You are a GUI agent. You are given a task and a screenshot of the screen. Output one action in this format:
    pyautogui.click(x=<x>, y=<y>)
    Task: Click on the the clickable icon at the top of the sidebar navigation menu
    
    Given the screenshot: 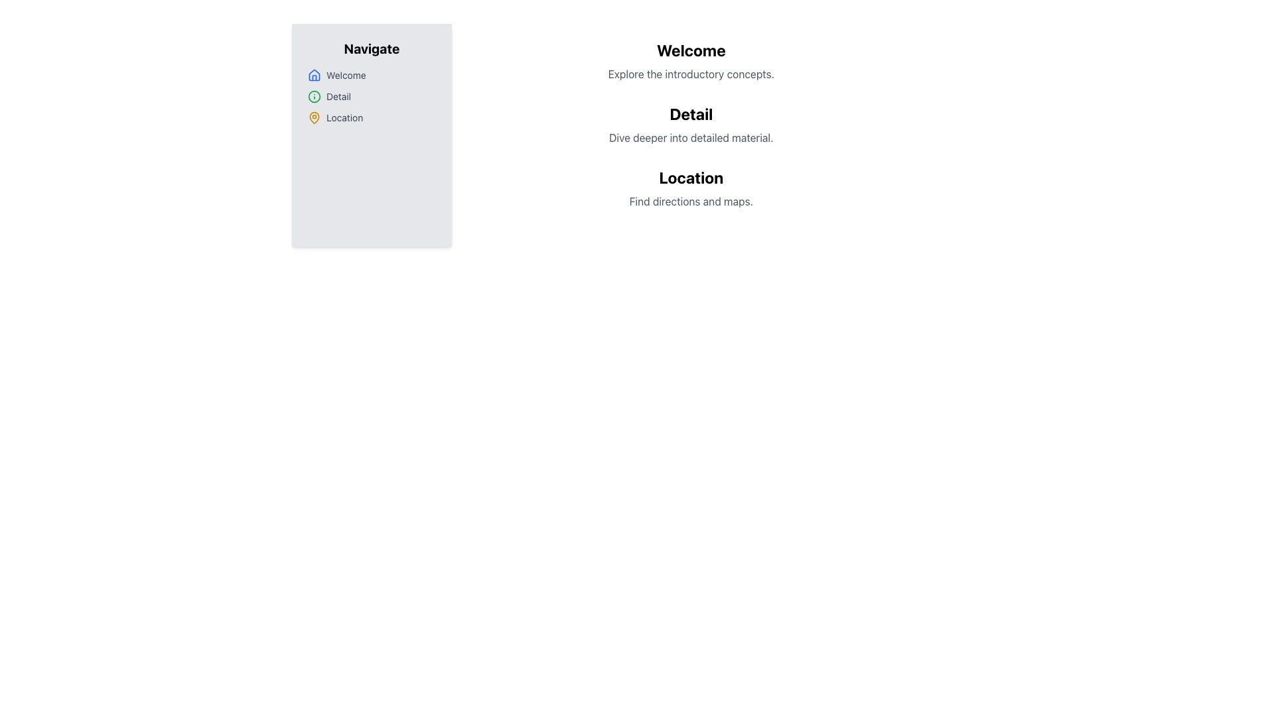 What is the action you would take?
    pyautogui.click(x=314, y=76)
    